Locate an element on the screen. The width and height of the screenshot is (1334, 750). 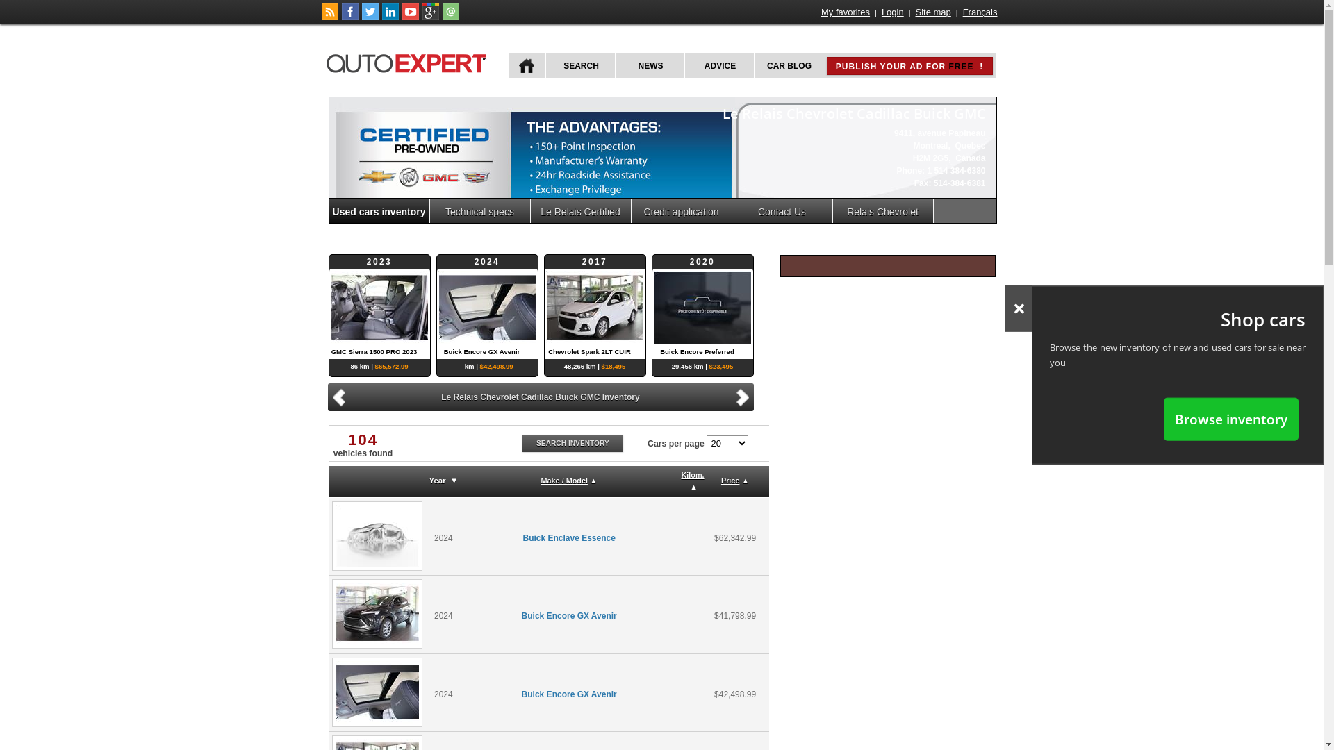
'Make / Model' is located at coordinates (564, 480).